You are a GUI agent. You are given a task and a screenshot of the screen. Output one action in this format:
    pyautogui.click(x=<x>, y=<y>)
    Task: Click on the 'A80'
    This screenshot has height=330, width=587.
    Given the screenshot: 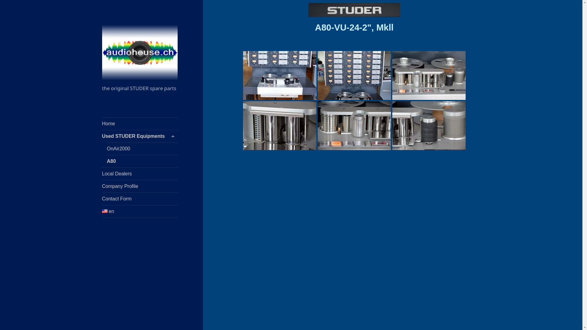 What is the action you would take?
    pyautogui.click(x=142, y=161)
    